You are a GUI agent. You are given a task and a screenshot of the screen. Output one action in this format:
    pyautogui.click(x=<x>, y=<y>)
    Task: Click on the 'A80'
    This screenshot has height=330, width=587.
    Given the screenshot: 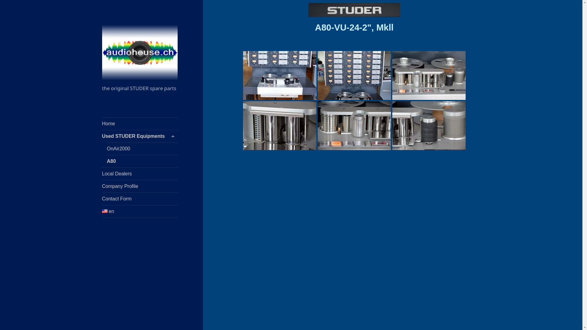 What is the action you would take?
    pyautogui.click(x=142, y=161)
    